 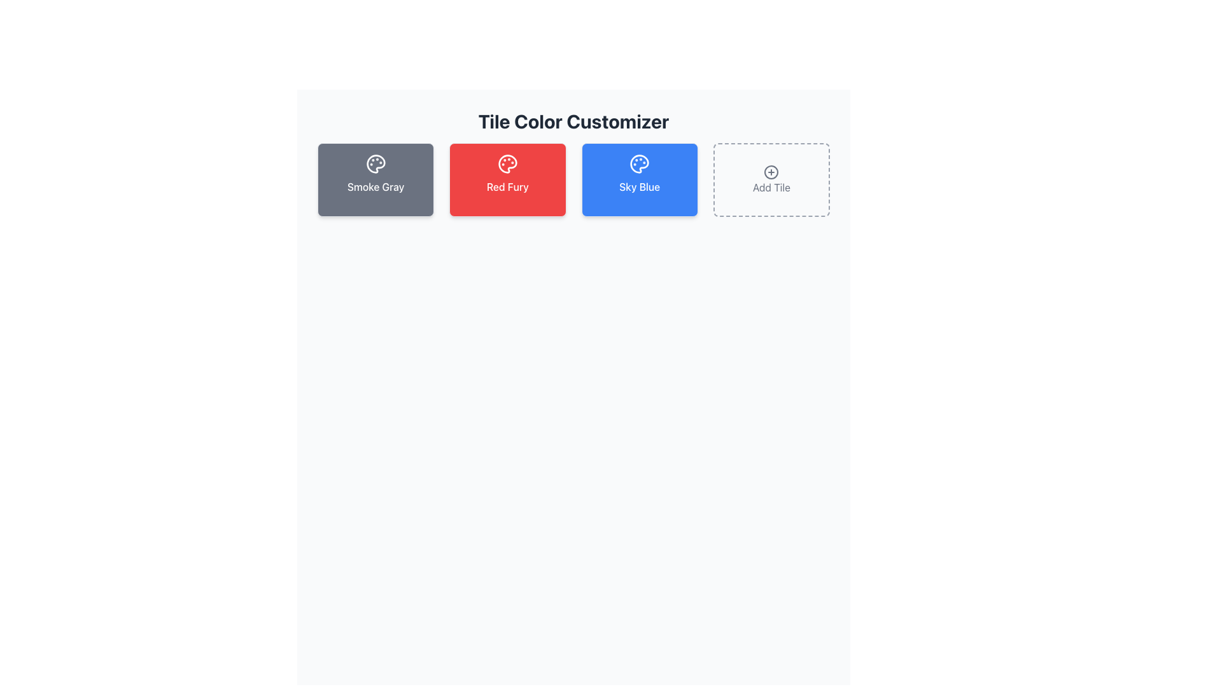 I want to click on the color option tile located at the top-left corner of the grid, representing the first selectable color option, so click(x=375, y=179).